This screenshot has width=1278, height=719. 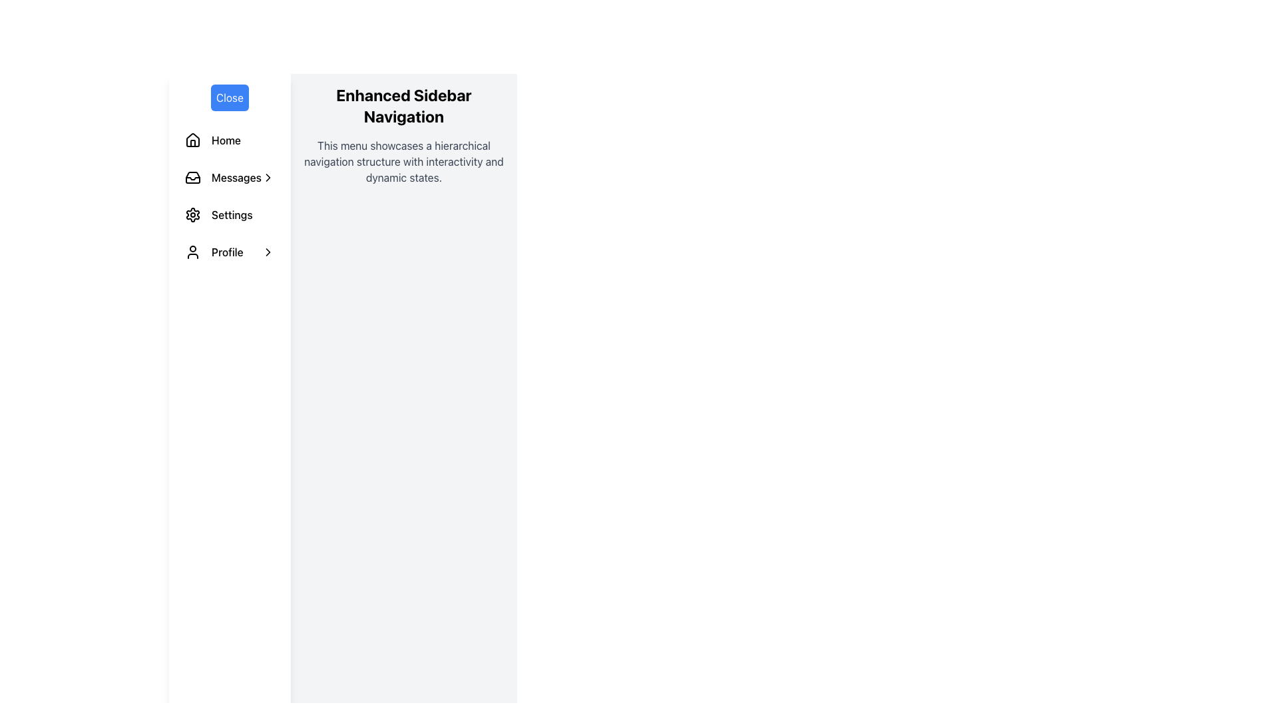 What do you see at coordinates (192, 176) in the screenshot?
I see `the 'Messages' icon located in the navigation sidebar, positioned to the left of the 'Messages' text` at bounding box center [192, 176].